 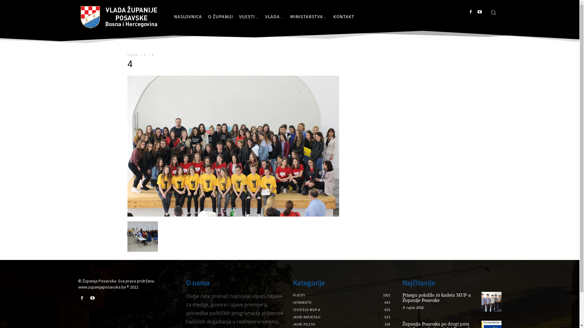 I want to click on 'Facebook', so click(x=81, y=298).